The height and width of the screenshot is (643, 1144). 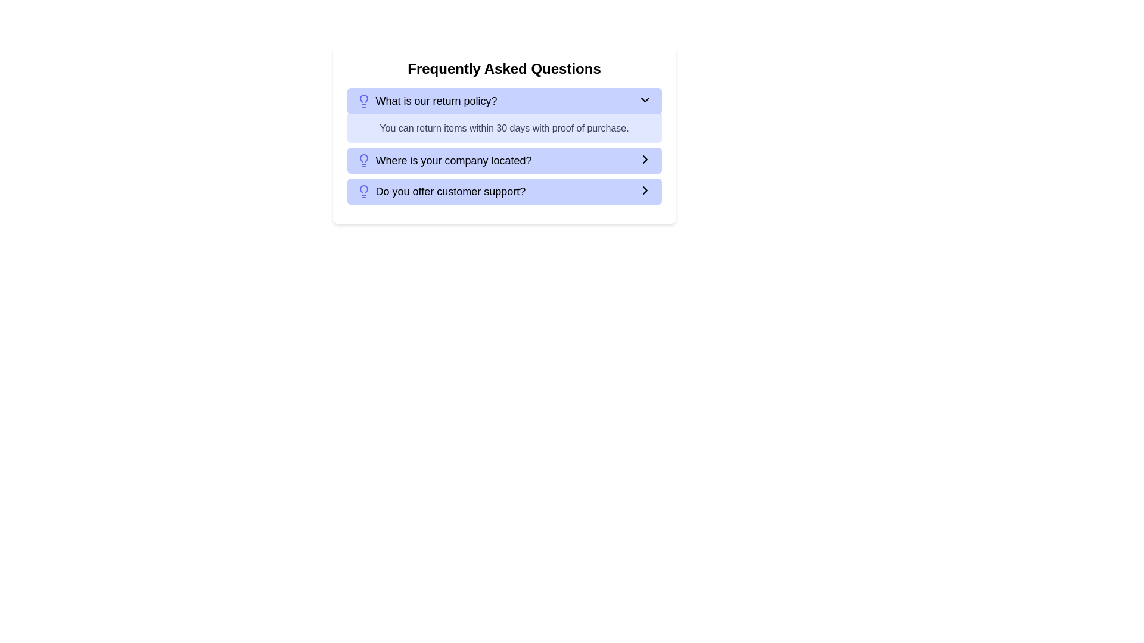 I want to click on the rightmost icon next to the question text 'Do you offer customer support?', so click(x=644, y=190).